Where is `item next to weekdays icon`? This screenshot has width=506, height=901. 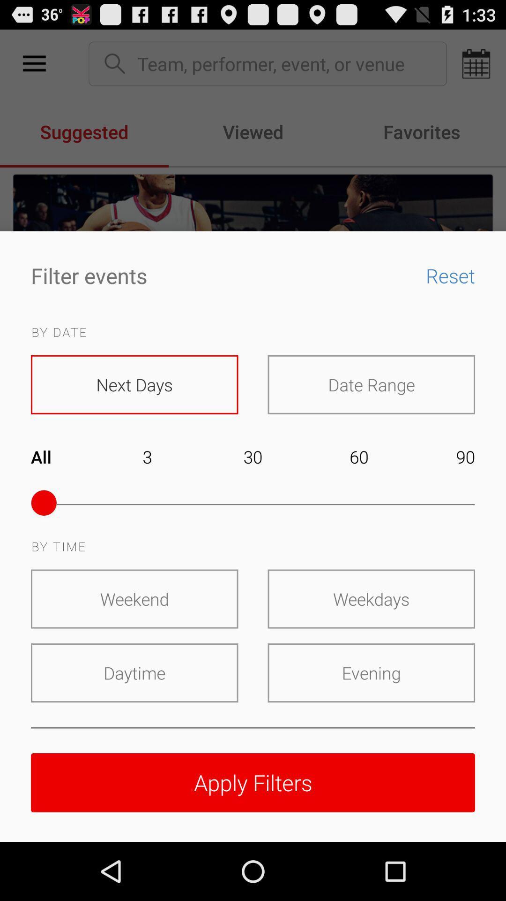
item next to weekdays icon is located at coordinates (134, 598).